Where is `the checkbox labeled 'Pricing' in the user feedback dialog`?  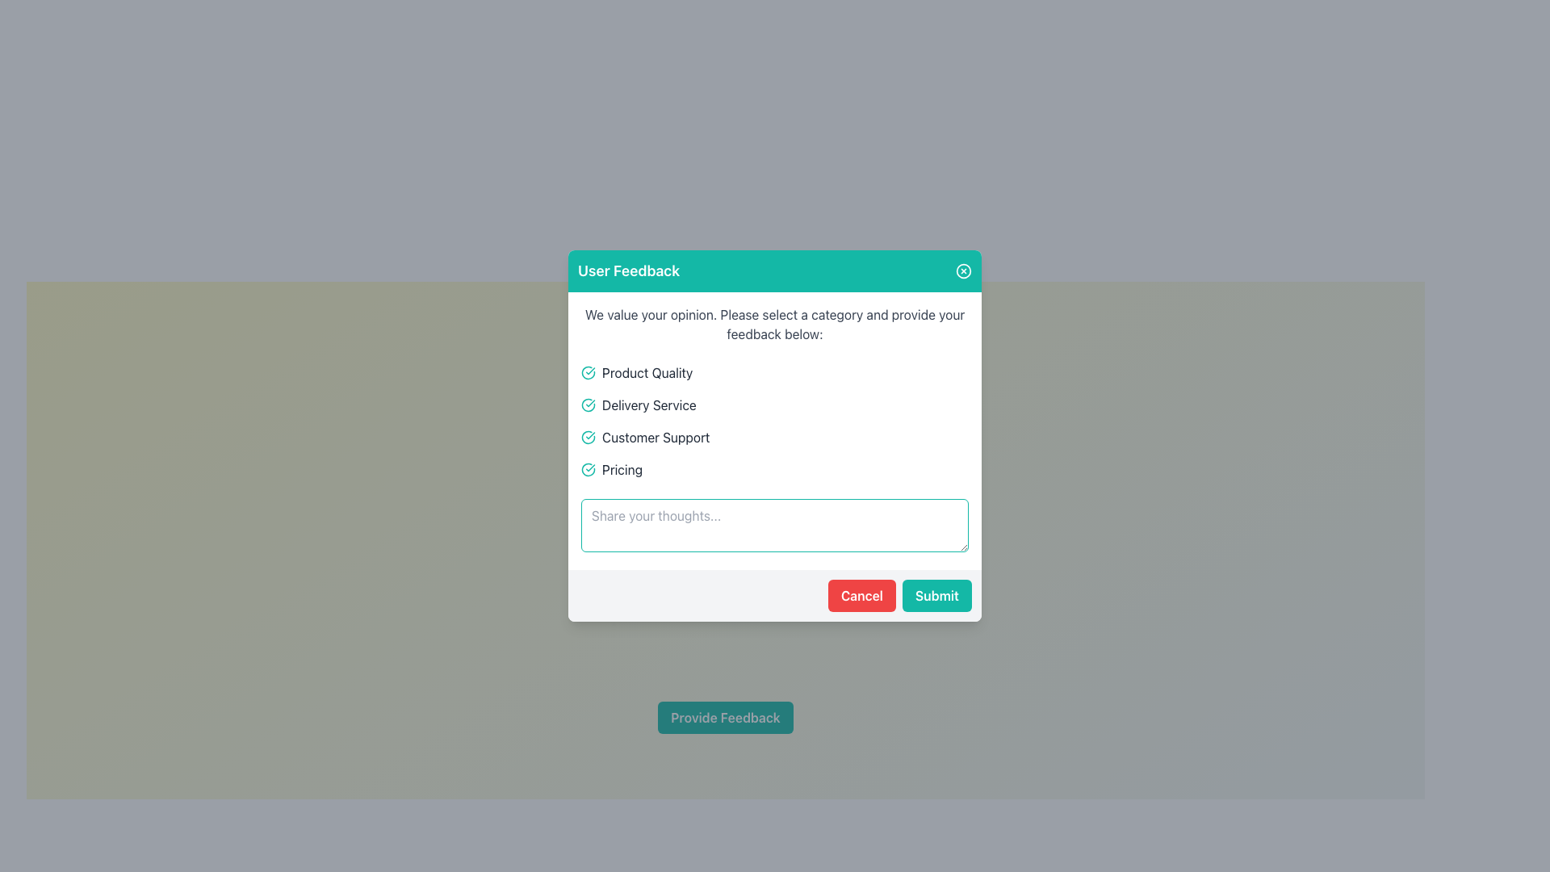
the checkbox labeled 'Pricing' in the user feedback dialog is located at coordinates (775, 470).